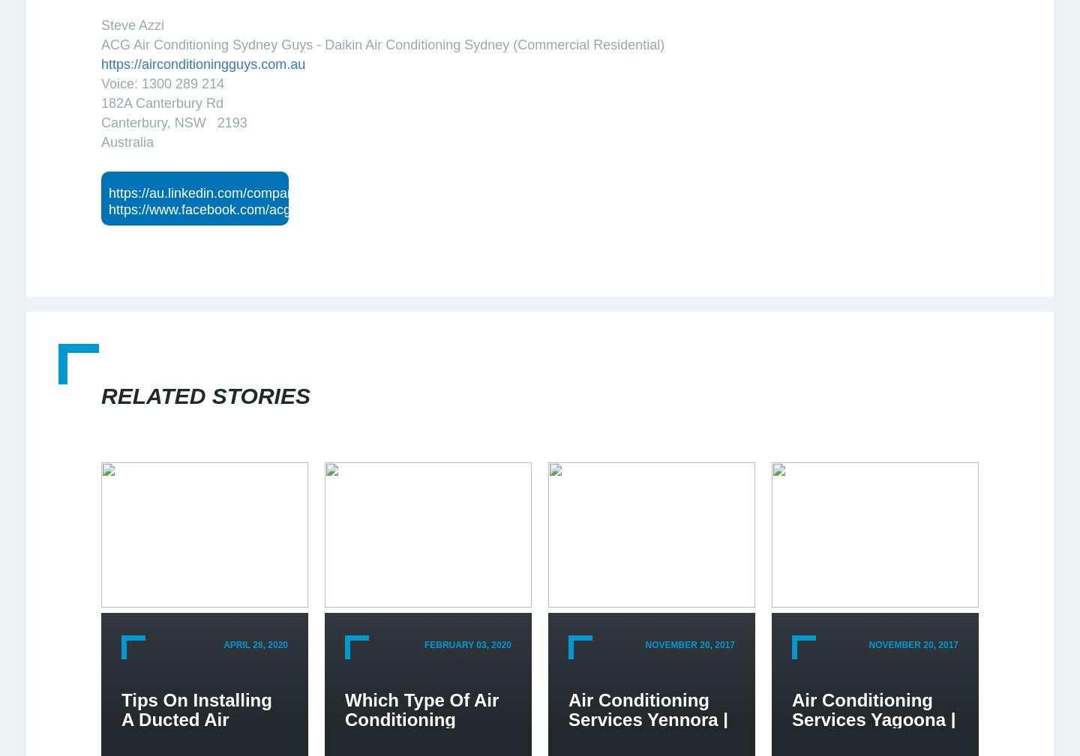 The width and height of the screenshot is (1080, 756). What do you see at coordinates (151, 25) in the screenshot?
I see `'Azzi'` at bounding box center [151, 25].